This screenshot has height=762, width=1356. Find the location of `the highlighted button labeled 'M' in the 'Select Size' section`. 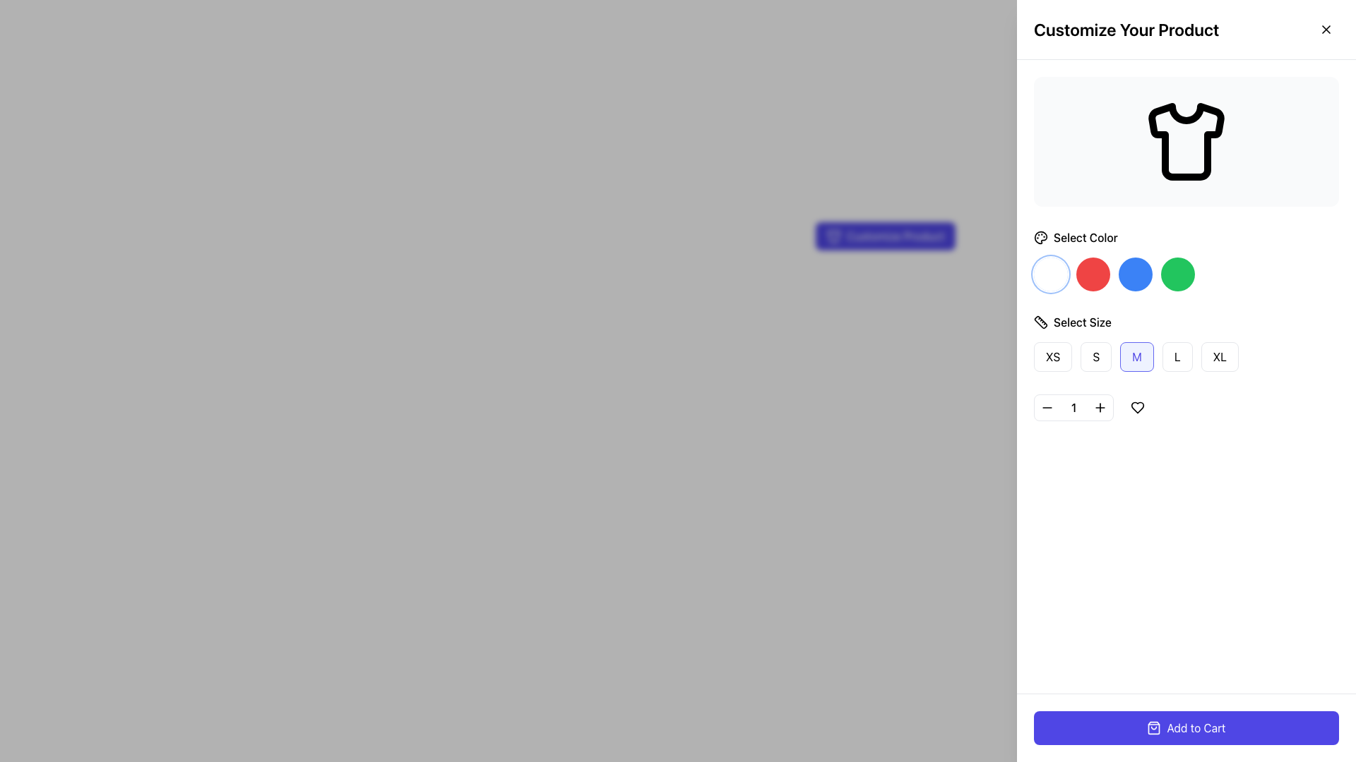

the highlighted button labeled 'M' in the 'Select Size' section is located at coordinates (1186, 343).